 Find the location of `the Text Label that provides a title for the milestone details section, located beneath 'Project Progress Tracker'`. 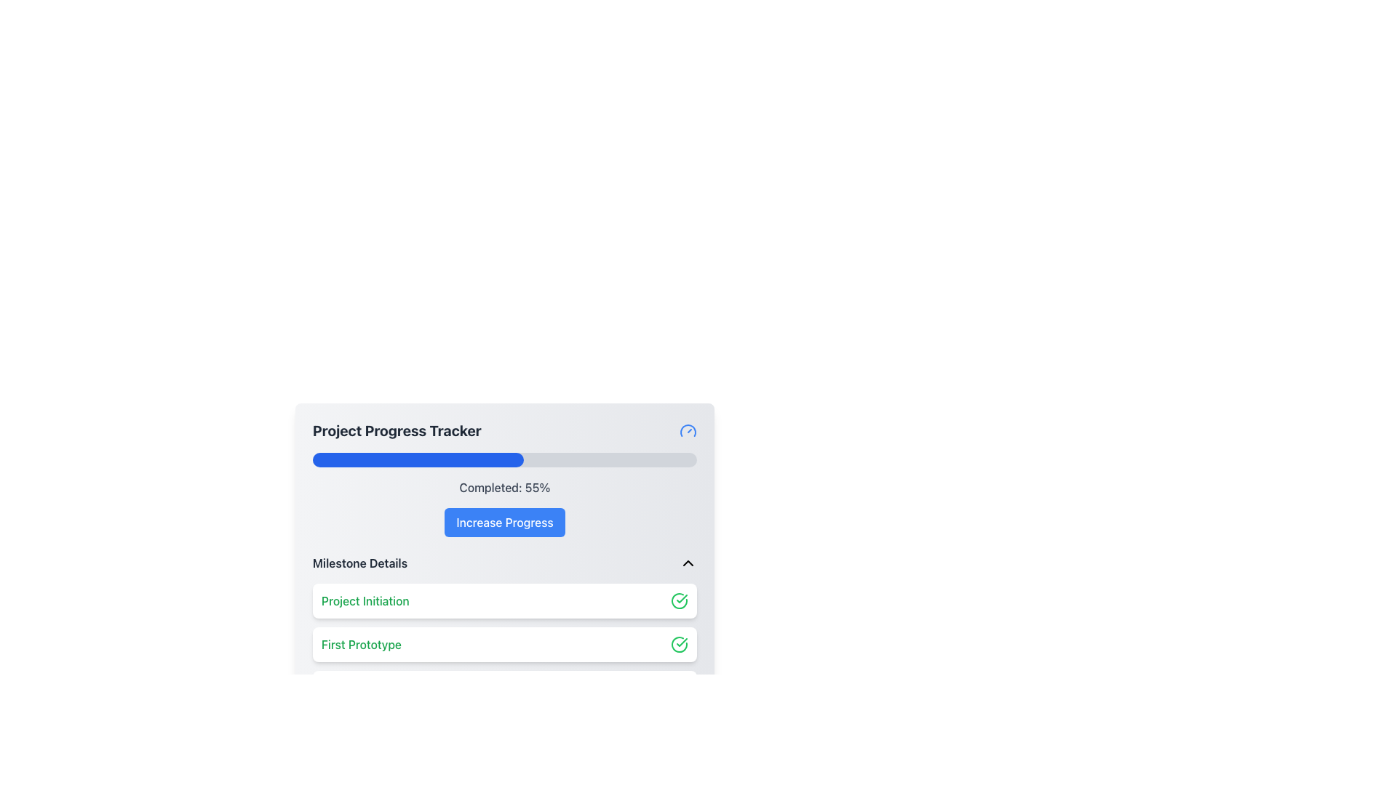

the Text Label that provides a title for the milestone details section, located beneath 'Project Progress Tracker' is located at coordinates (360, 563).